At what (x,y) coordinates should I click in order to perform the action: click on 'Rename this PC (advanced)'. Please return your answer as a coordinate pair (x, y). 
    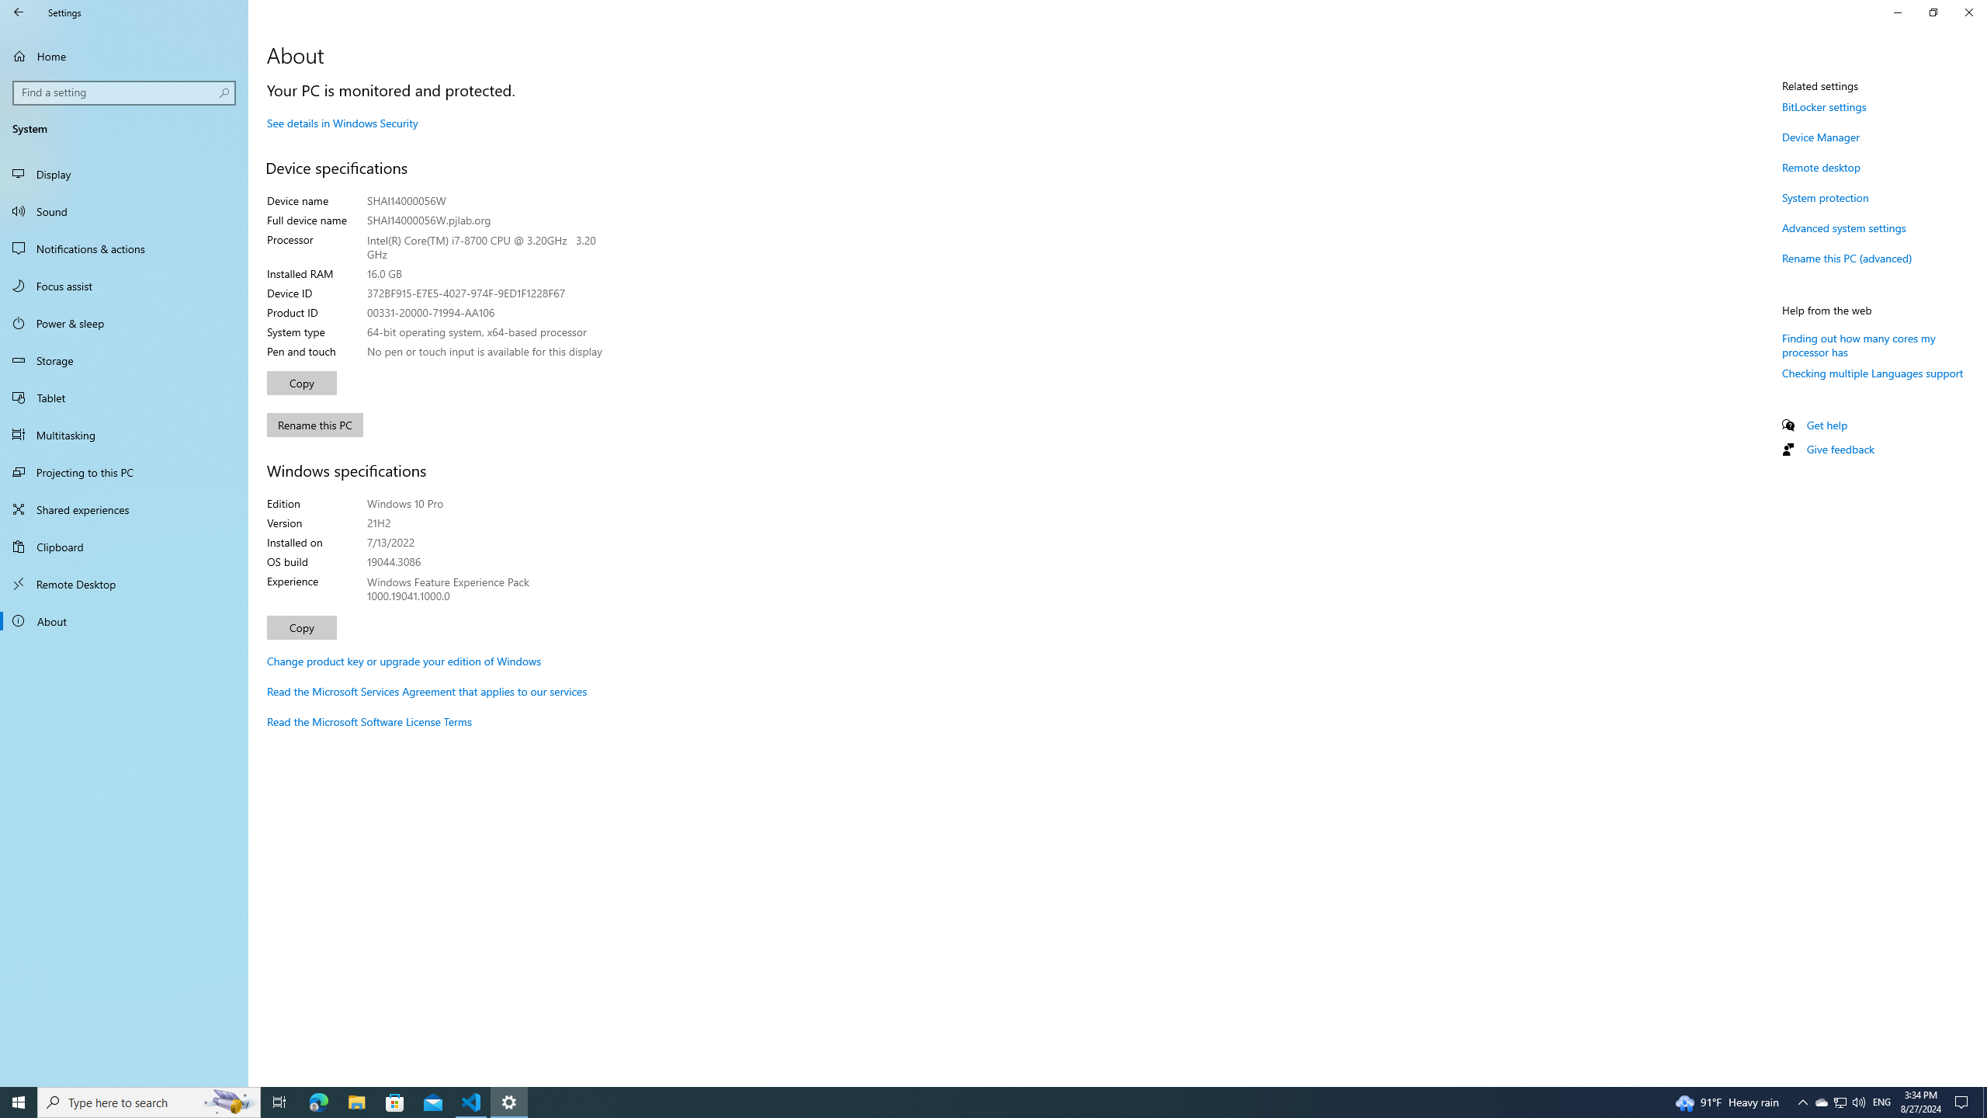
    Looking at the image, I should click on (1846, 258).